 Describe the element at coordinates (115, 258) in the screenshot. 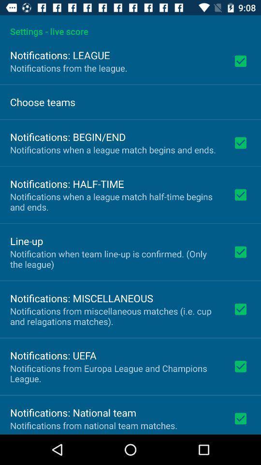

I see `the app below line-up icon` at that location.